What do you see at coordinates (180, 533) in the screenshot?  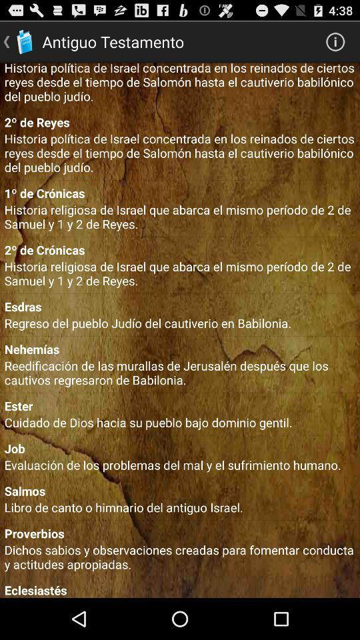 I see `item below the libro de canto app` at bounding box center [180, 533].